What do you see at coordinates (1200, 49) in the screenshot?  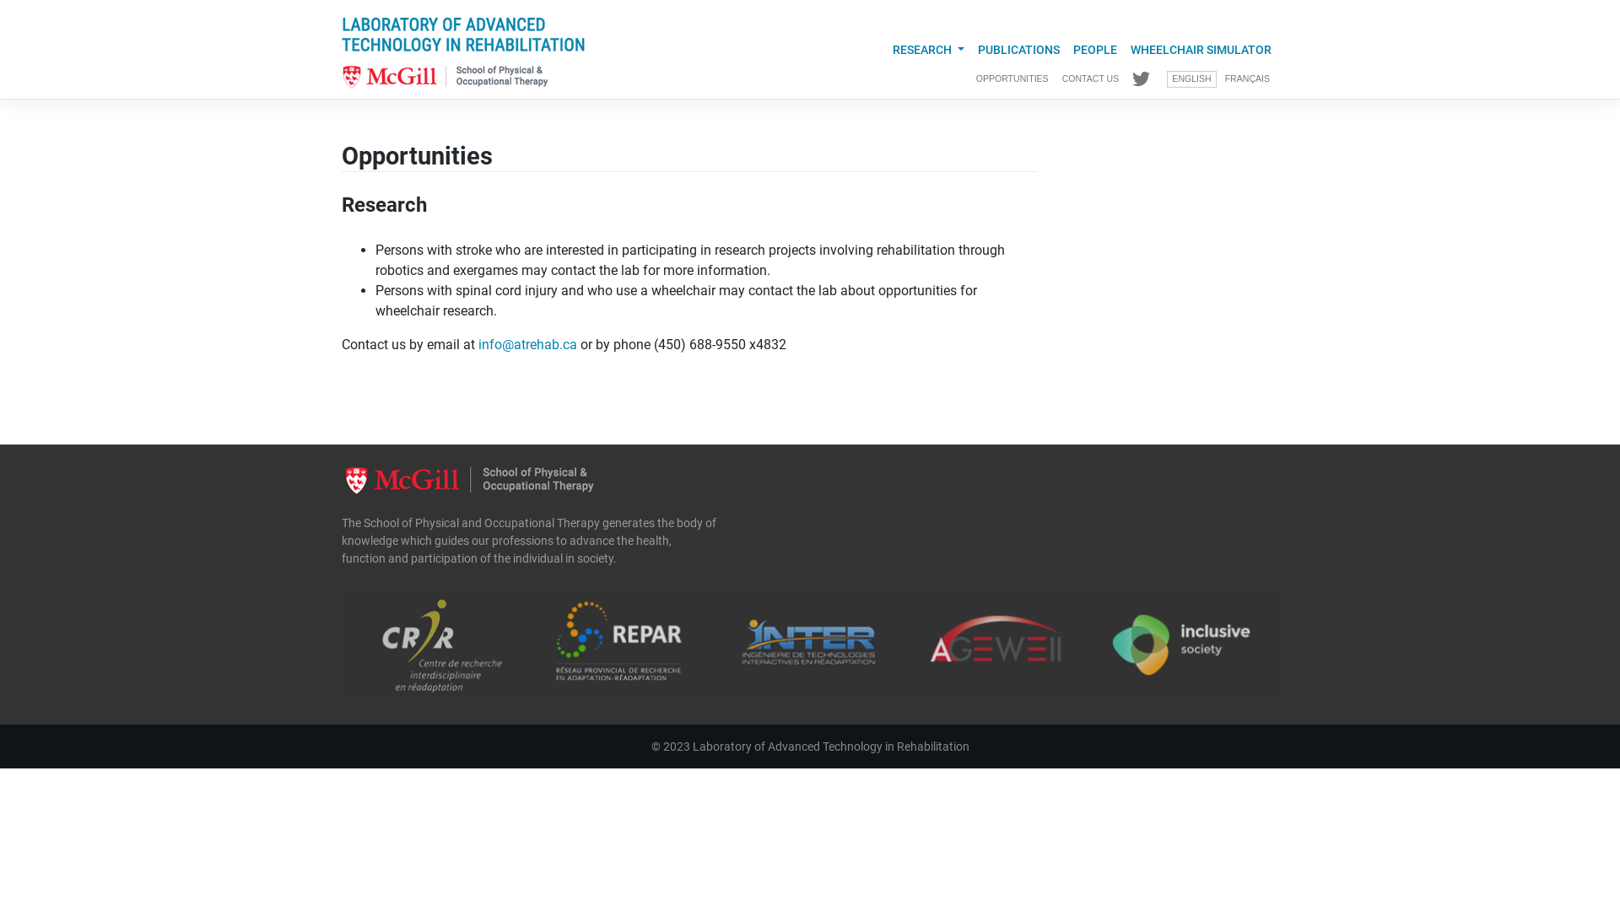 I see `'WHEELCHAIR SIMULATOR'` at bounding box center [1200, 49].